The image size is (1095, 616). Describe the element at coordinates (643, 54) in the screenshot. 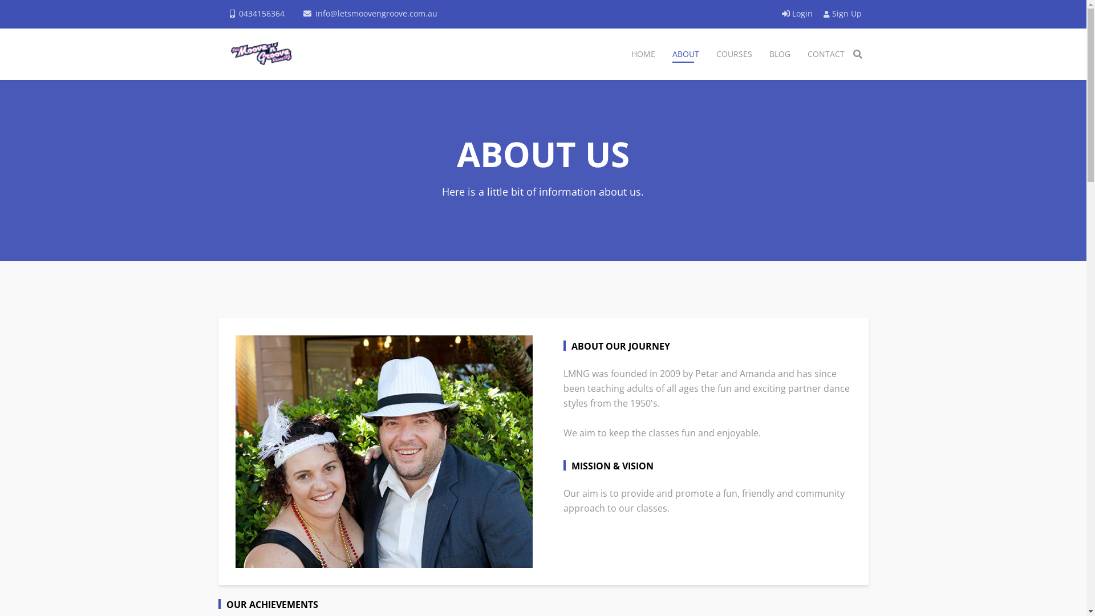

I see `'HOME'` at that location.